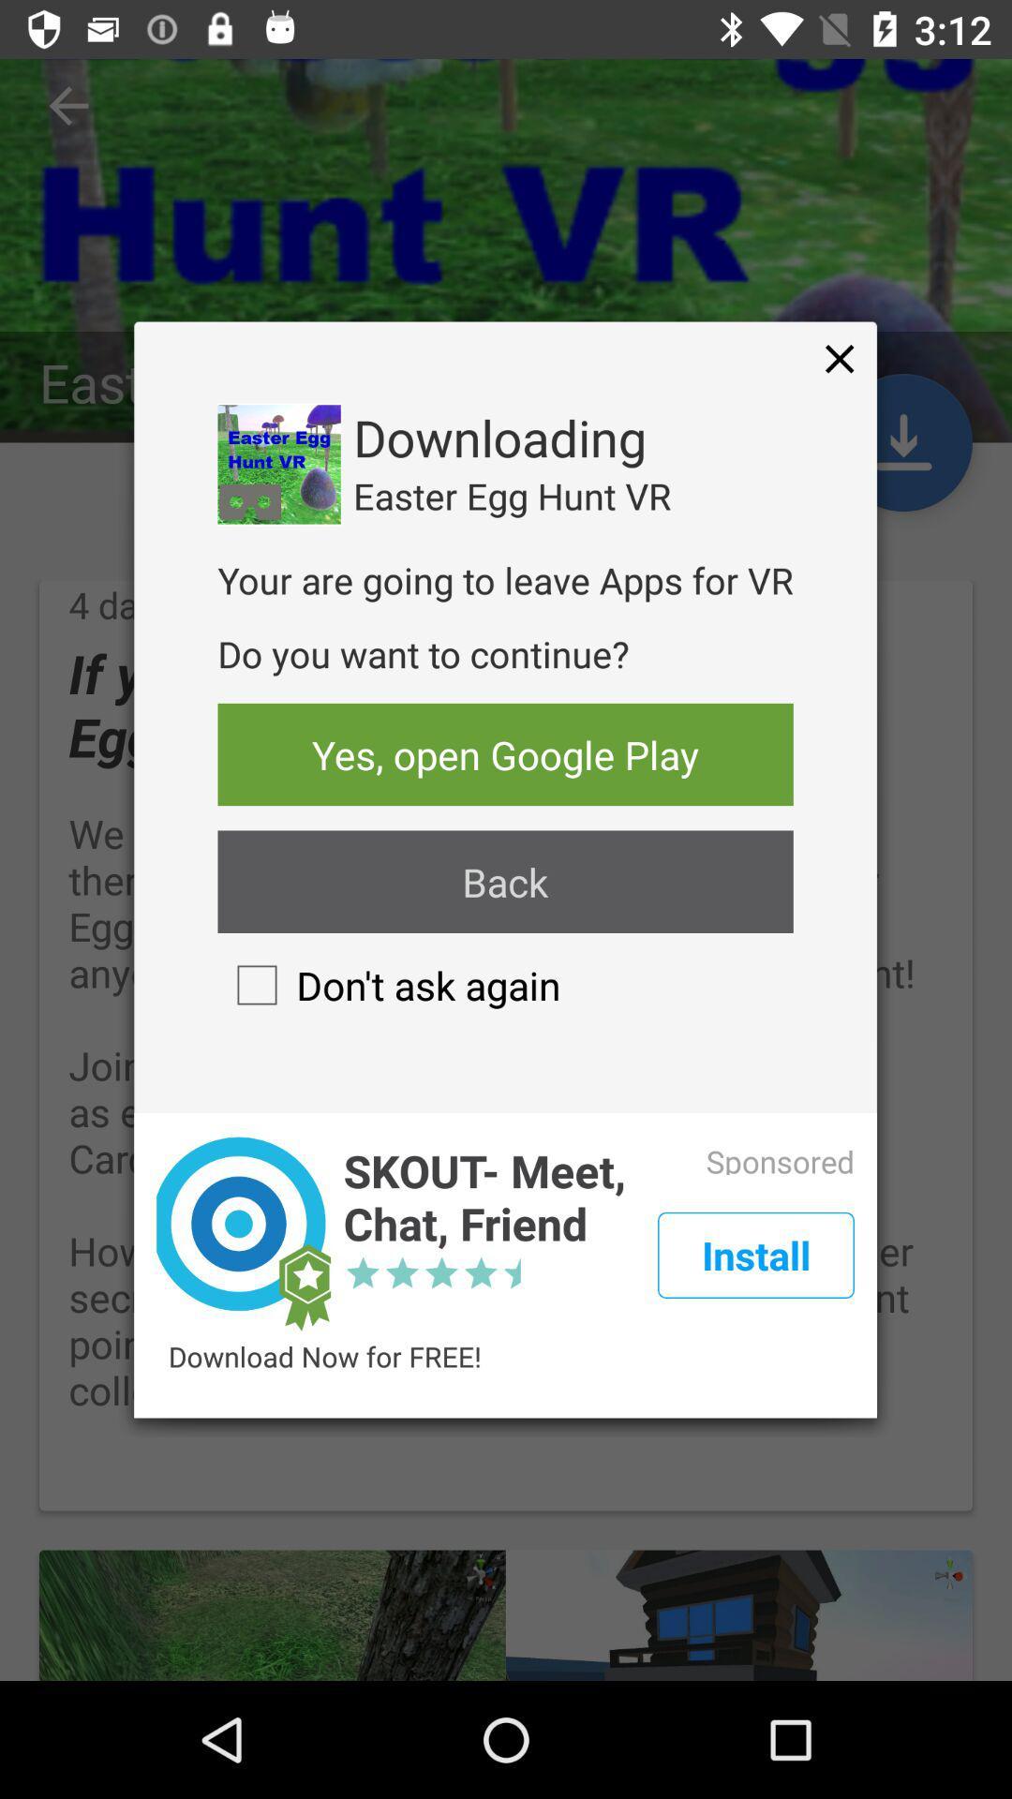 The image size is (1012, 1799). Describe the element at coordinates (504, 881) in the screenshot. I see `the icon below the yes open google item` at that location.